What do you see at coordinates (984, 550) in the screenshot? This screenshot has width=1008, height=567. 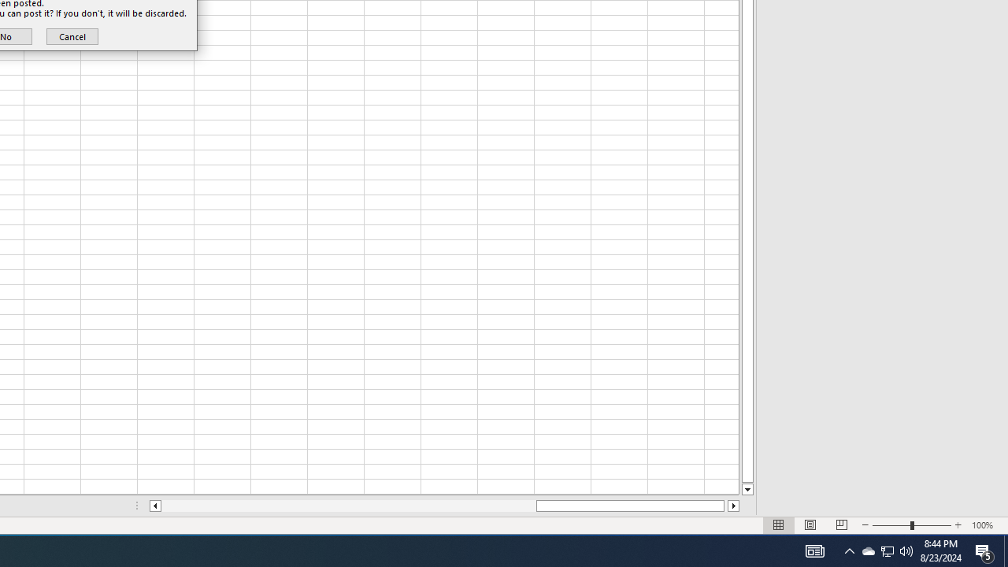 I see `'Action Center, 5 new notifications'` at bounding box center [984, 550].